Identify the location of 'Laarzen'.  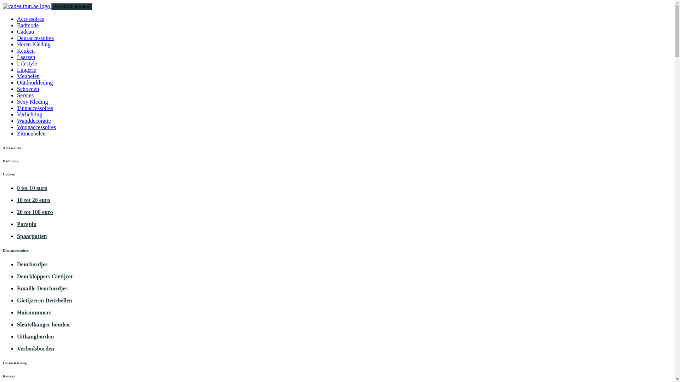
(26, 57).